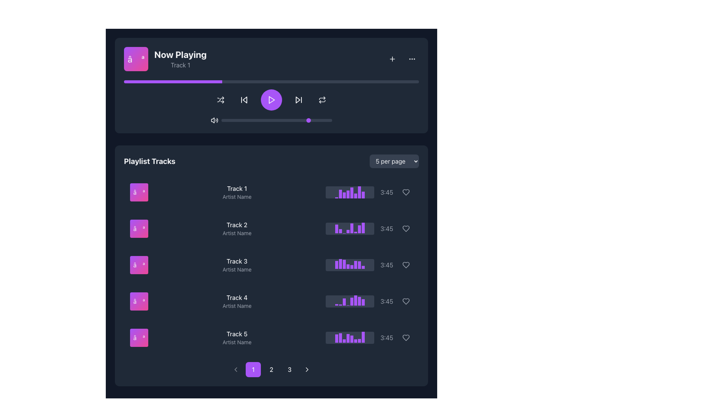 The height and width of the screenshot is (409, 728). What do you see at coordinates (139, 337) in the screenshot?
I see `the square icon with a gradient background transitioning from purple to pink, which displays a musical note icon, located in the 'Playlist Tracks' section, fifth from the top, to the left of 'Track 5' and 'Artist Name'` at bounding box center [139, 337].